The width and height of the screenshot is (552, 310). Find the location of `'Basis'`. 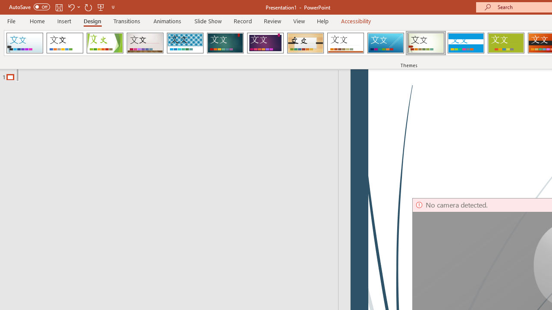

'Basis' is located at coordinates (506, 43).